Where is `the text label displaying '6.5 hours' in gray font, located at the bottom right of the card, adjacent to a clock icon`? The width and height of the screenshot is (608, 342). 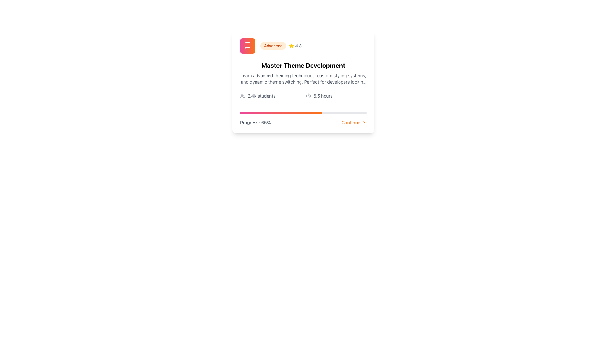
the text label displaying '6.5 hours' in gray font, located at the bottom right of the card, adjacent to a clock icon is located at coordinates (323, 96).